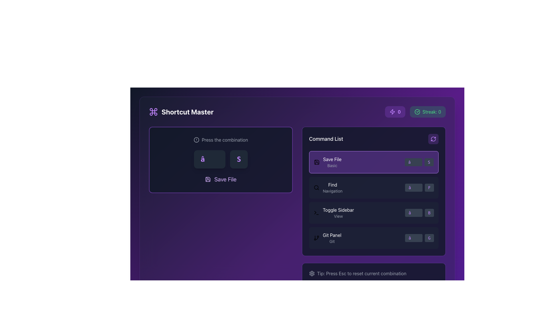 The width and height of the screenshot is (550, 309). I want to click on the label with an icon and text that indicates the functionality of saving a file, located at the center of the lower portion of the panel labeled 'Press the combination', so click(221, 179).